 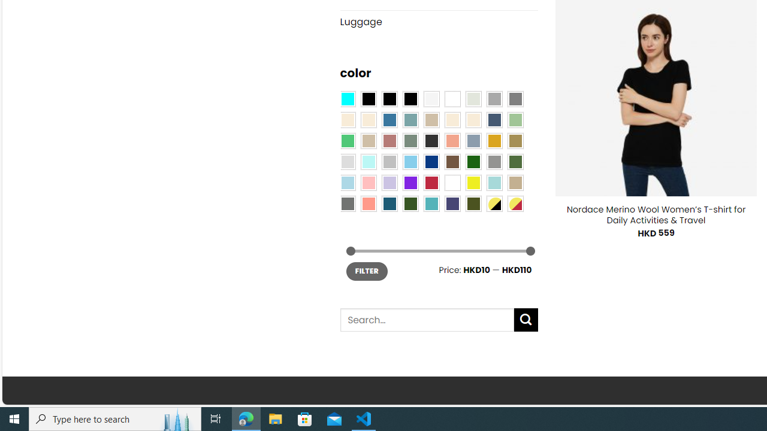 What do you see at coordinates (410, 98) in the screenshot?
I see `'Black-Brown'` at bounding box center [410, 98].